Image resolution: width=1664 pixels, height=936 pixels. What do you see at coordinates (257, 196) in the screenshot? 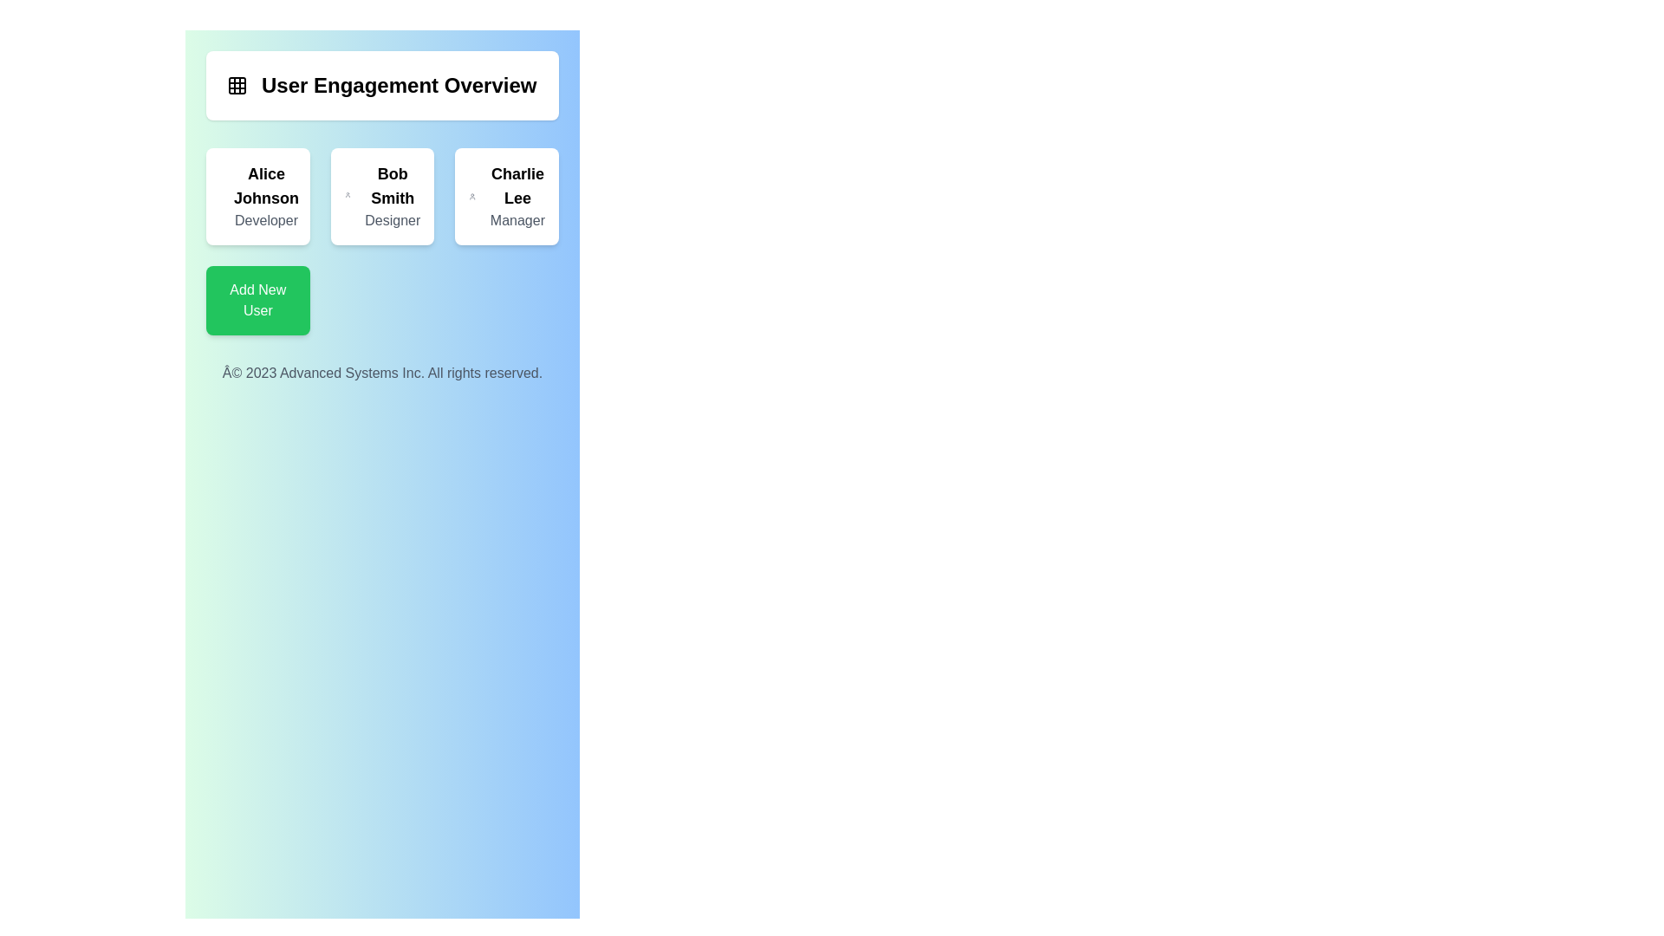
I see `the Profile Card located at the top left side of the grid below the title 'User Engagement Overview'` at bounding box center [257, 196].